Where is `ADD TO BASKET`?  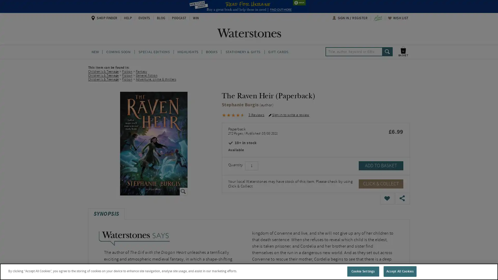 ADD TO BASKET is located at coordinates (381, 166).